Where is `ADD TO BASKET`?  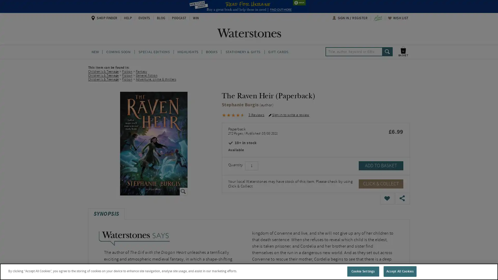 ADD TO BASKET is located at coordinates (381, 166).